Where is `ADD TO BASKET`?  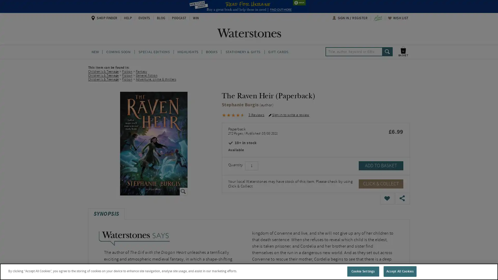 ADD TO BASKET is located at coordinates (381, 166).